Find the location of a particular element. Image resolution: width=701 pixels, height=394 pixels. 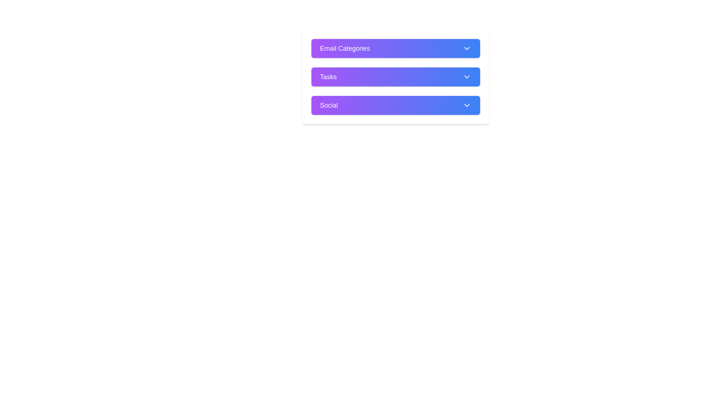

the dropdown arrow is located at coordinates (466, 48).